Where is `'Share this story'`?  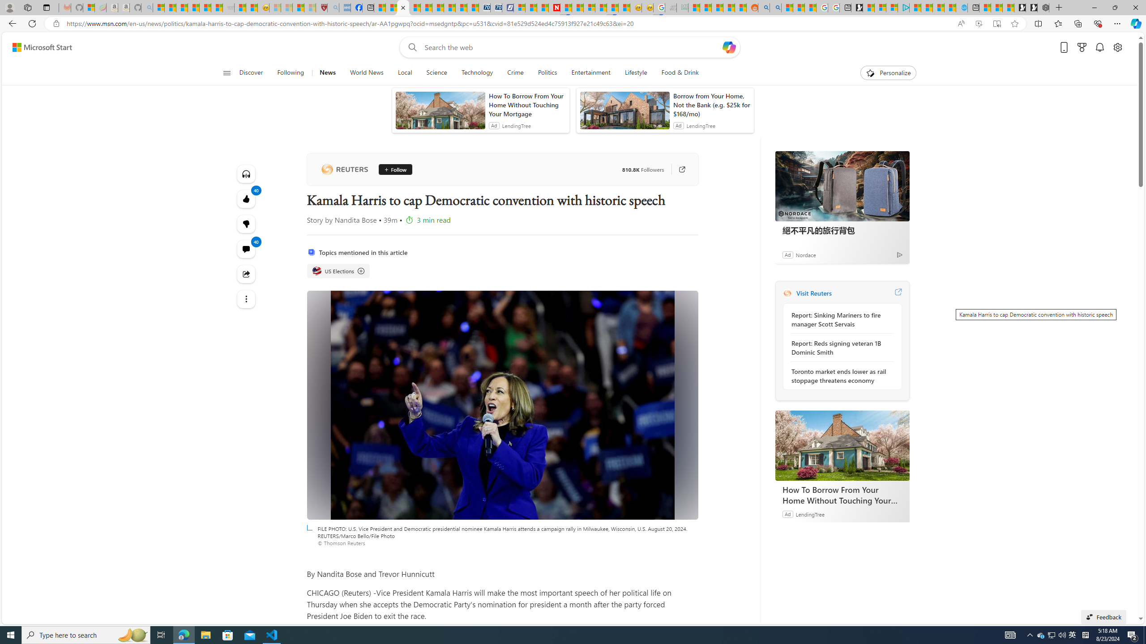
'Share this story' is located at coordinates (246, 274).